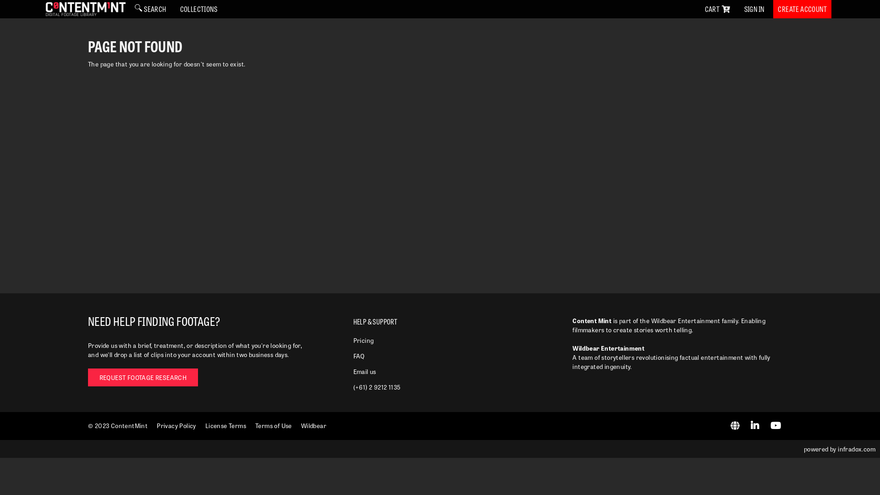 This screenshot has width=880, height=495. Describe the element at coordinates (150, 9) in the screenshot. I see `'SEARCH'` at that location.